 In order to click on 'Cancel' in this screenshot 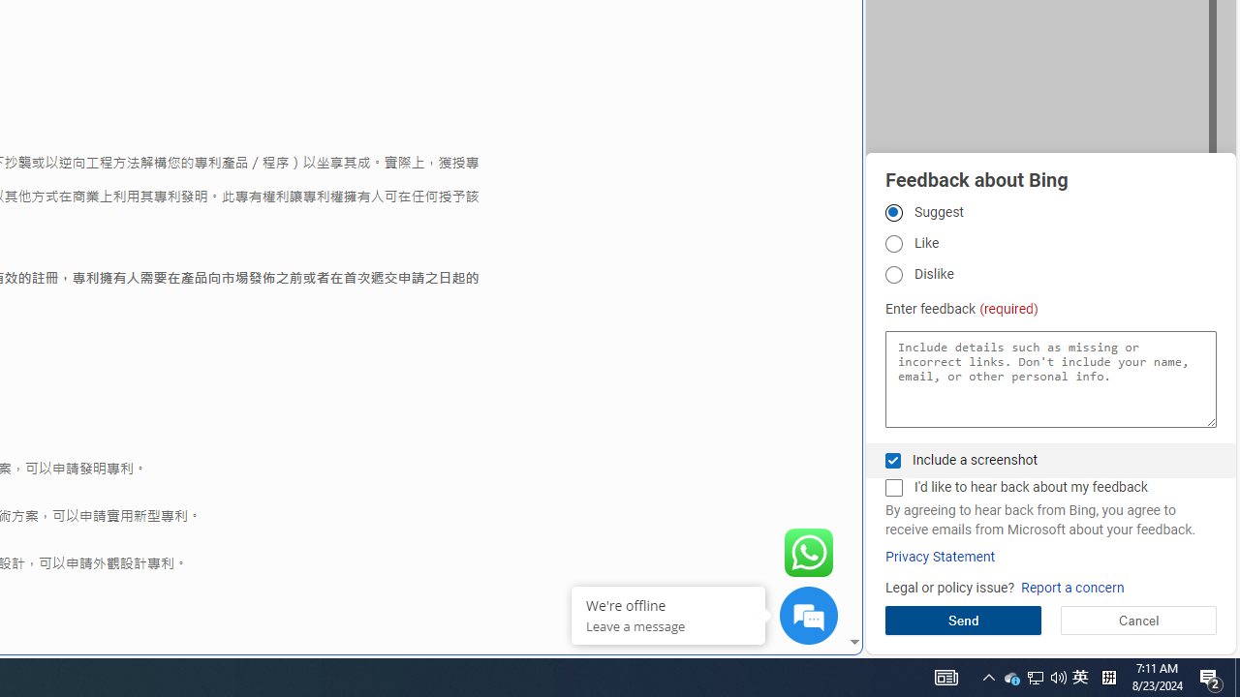, I will do `click(1138, 620)`.